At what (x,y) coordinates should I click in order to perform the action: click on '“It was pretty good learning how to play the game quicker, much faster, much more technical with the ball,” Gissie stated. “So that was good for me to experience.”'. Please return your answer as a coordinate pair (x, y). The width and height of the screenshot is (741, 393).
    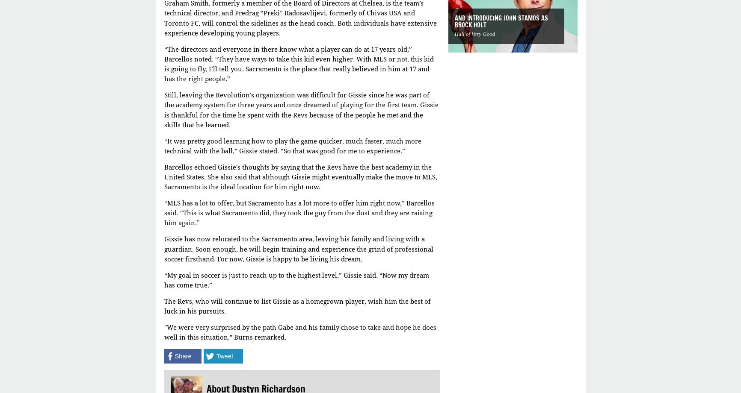
    Looking at the image, I should click on (292, 146).